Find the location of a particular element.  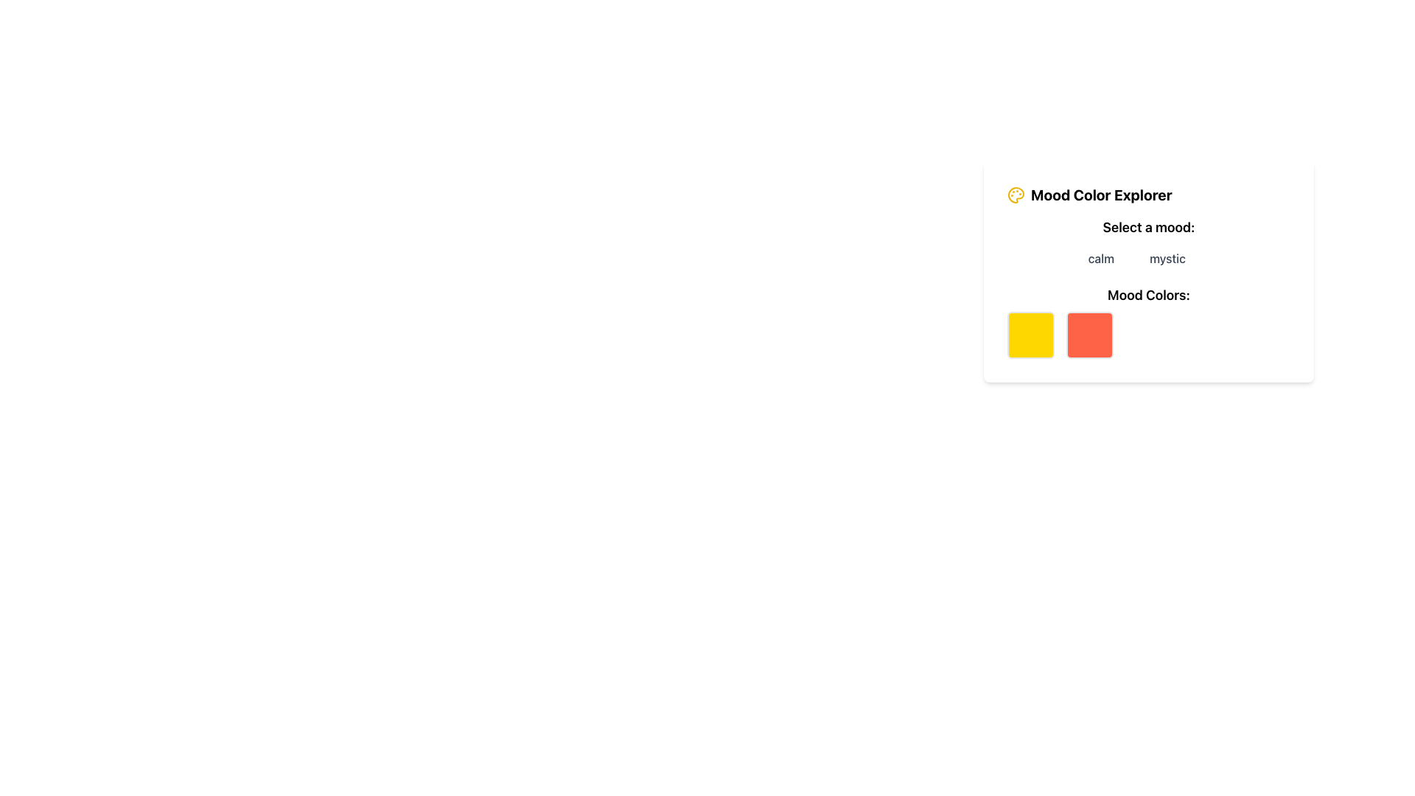

the Graphic icon representing the 'Mood Color Explorer', located in the upper-left corner of the card, next to the title text is located at coordinates (1015, 195).